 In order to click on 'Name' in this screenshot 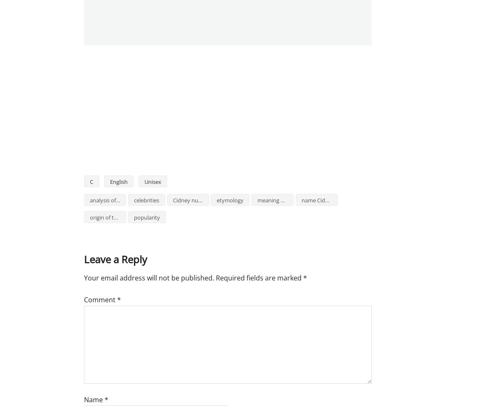, I will do `click(94, 399)`.